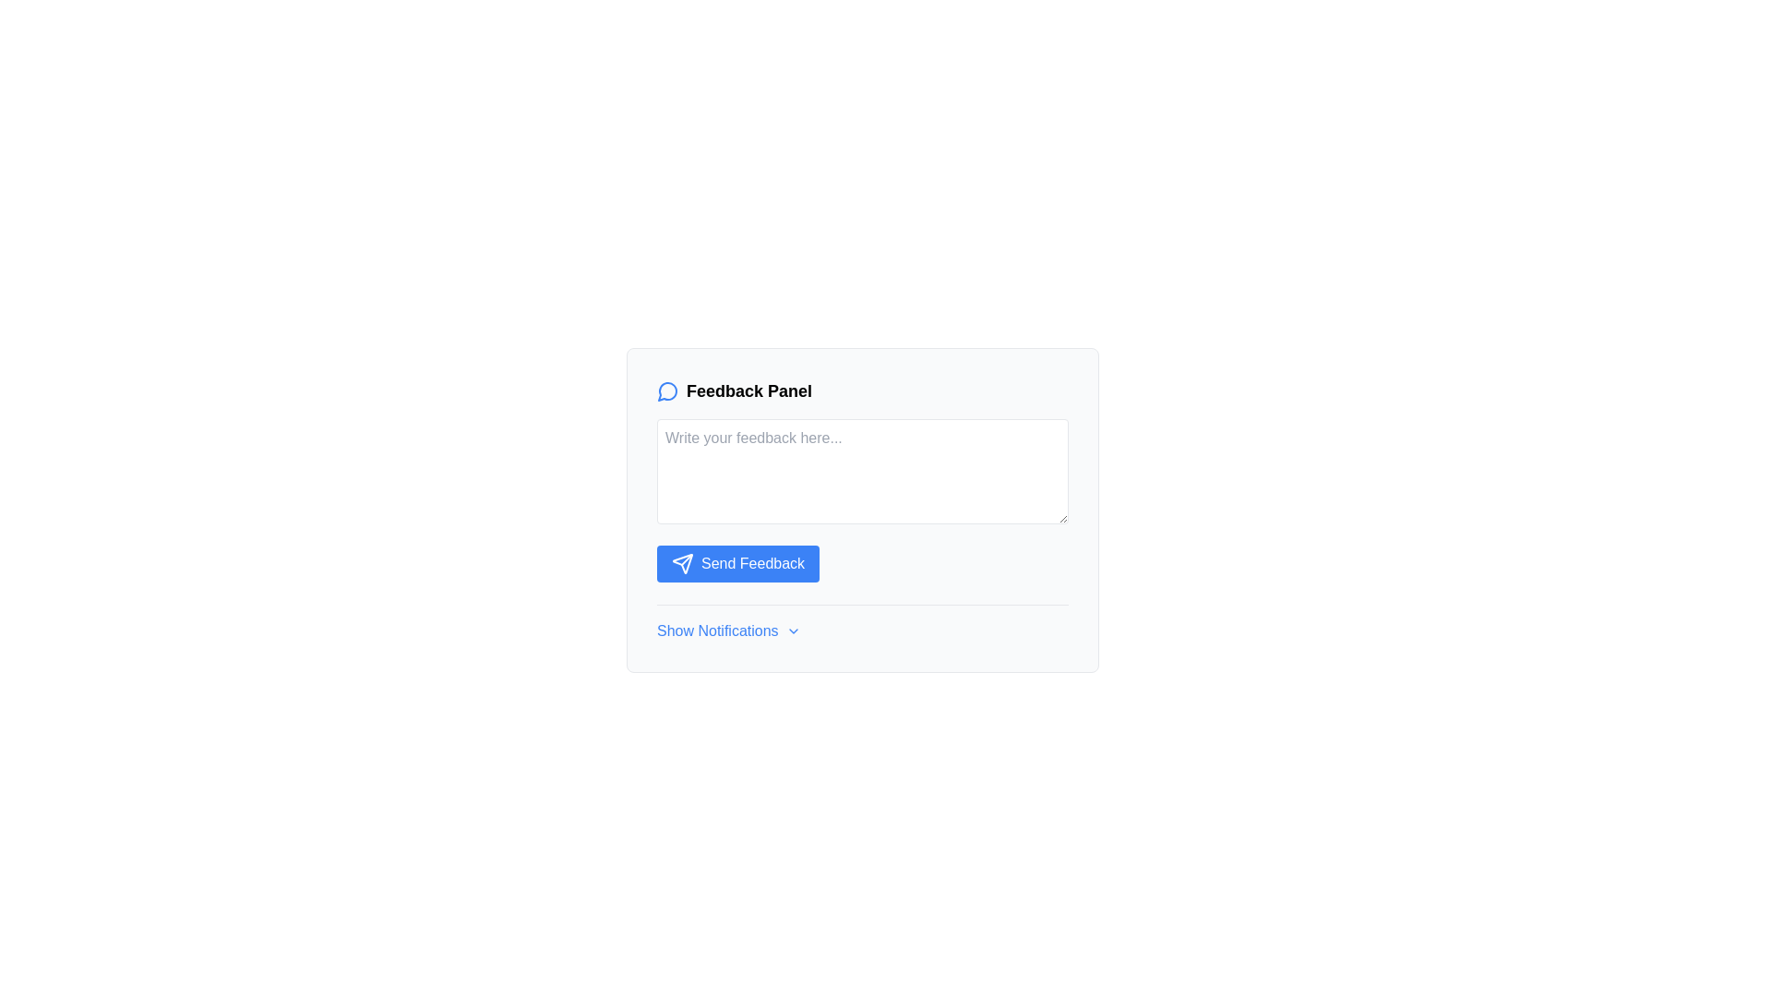 This screenshot has height=997, width=1772. I want to click on the chevron icon located to the right of the 'Show Notifications' text in the bottom region of the panel, so click(793, 630).